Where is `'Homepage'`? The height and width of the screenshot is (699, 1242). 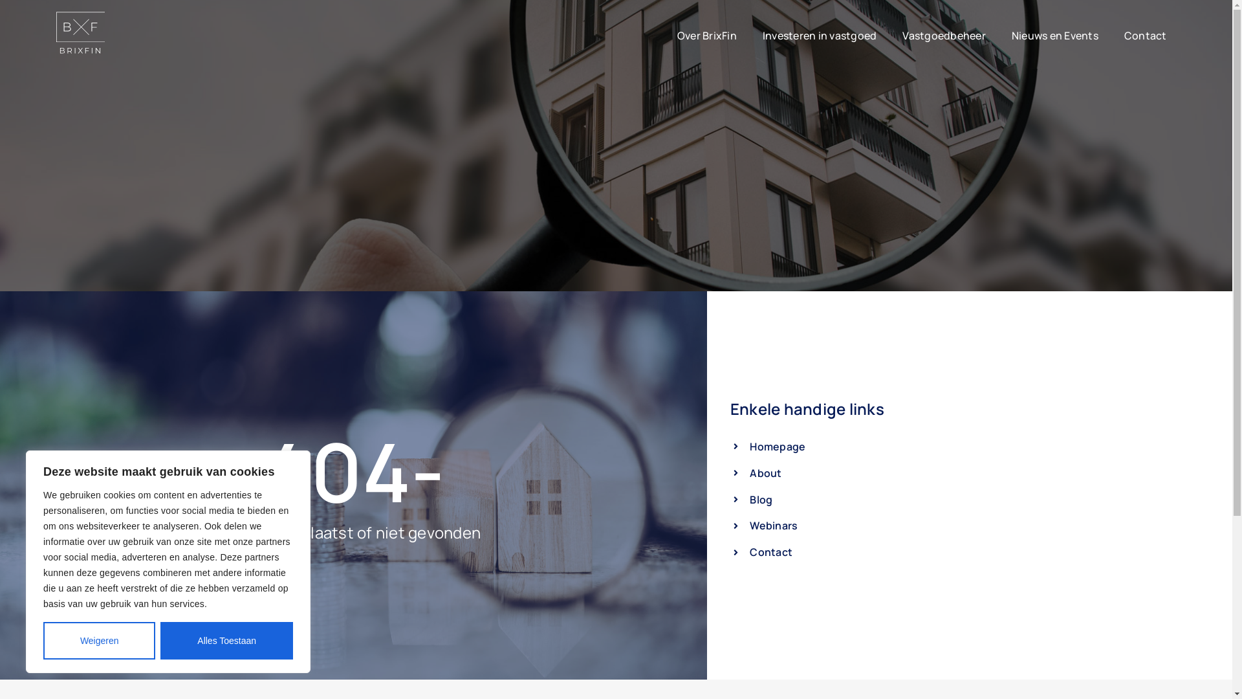 'Homepage' is located at coordinates (730, 446).